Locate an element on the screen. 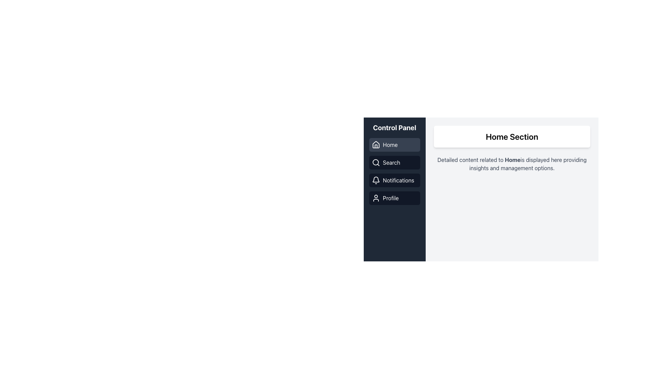 The height and width of the screenshot is (369, 657). the Notifications bell icon located to the left of the text 'Notifications' in the vertical menu is located at coordinates (376, 180).